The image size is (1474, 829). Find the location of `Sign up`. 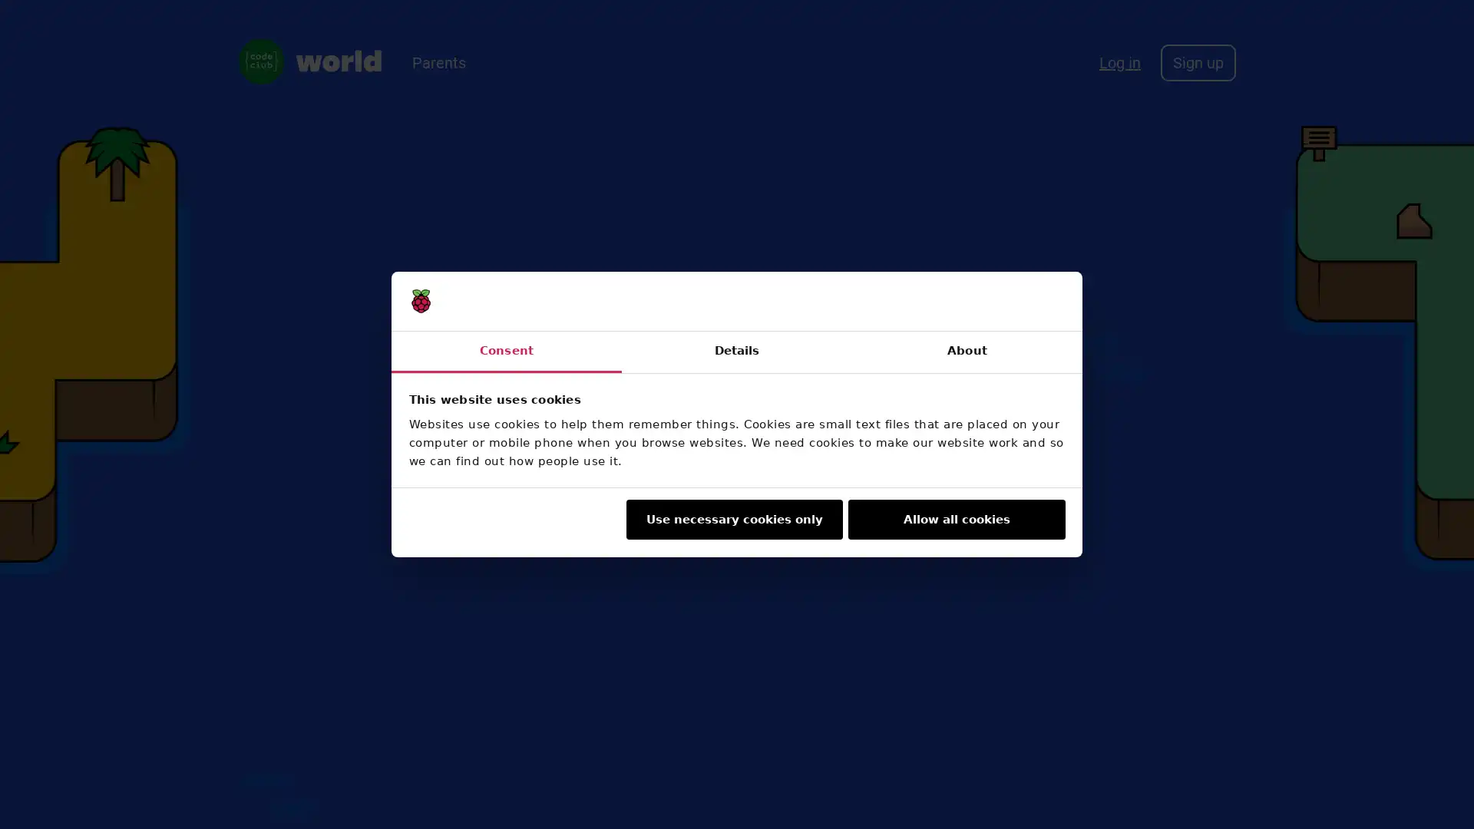

Sign up is located at coordinates (1197, 61).